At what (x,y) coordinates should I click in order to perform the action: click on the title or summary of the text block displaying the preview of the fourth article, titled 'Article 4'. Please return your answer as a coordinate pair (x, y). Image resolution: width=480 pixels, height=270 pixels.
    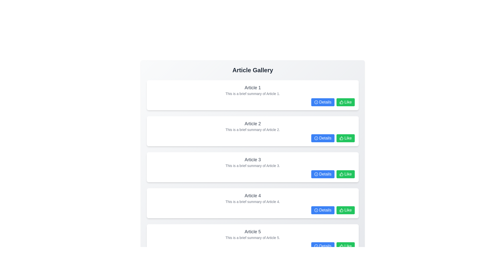
    Looking at the image, I should click on (253, 198).